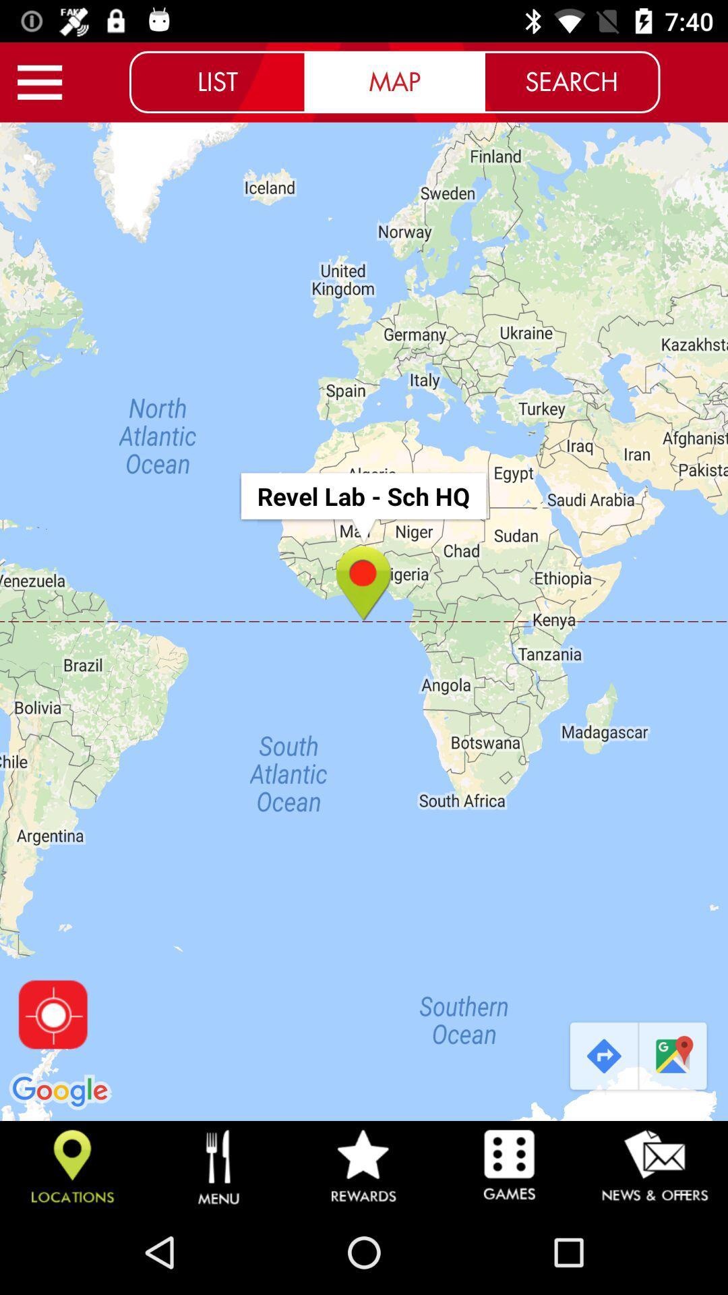 Image resolution: width=728 pixels, height=1295 pixels. Describe the element at coordinates (572, 81) in the screenshot. I see `item next to the map` at that location.